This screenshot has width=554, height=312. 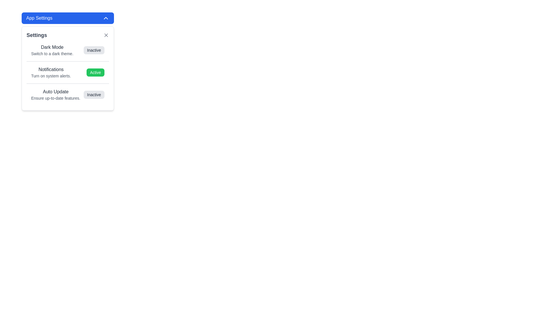 What do you see at coordinates (94, 50) in the screenshot?
I see `the 'Inactive' label in the 'Dark Mode' section of the 'Settings' panel` at bounding box center [94, 50].